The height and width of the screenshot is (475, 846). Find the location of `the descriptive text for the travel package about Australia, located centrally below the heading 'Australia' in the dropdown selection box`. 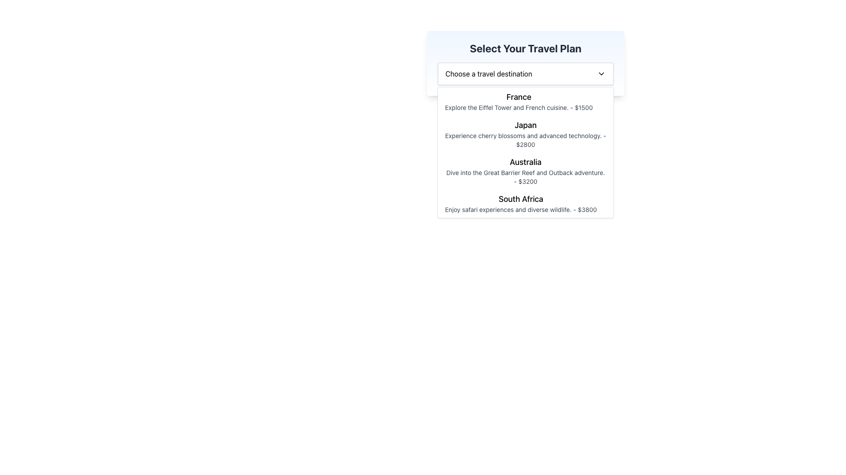

the descriptive text for the travel package about Australia, located centrally below the heading 'Australia' in the dropdown selection box is located at coordinates (526, 177).